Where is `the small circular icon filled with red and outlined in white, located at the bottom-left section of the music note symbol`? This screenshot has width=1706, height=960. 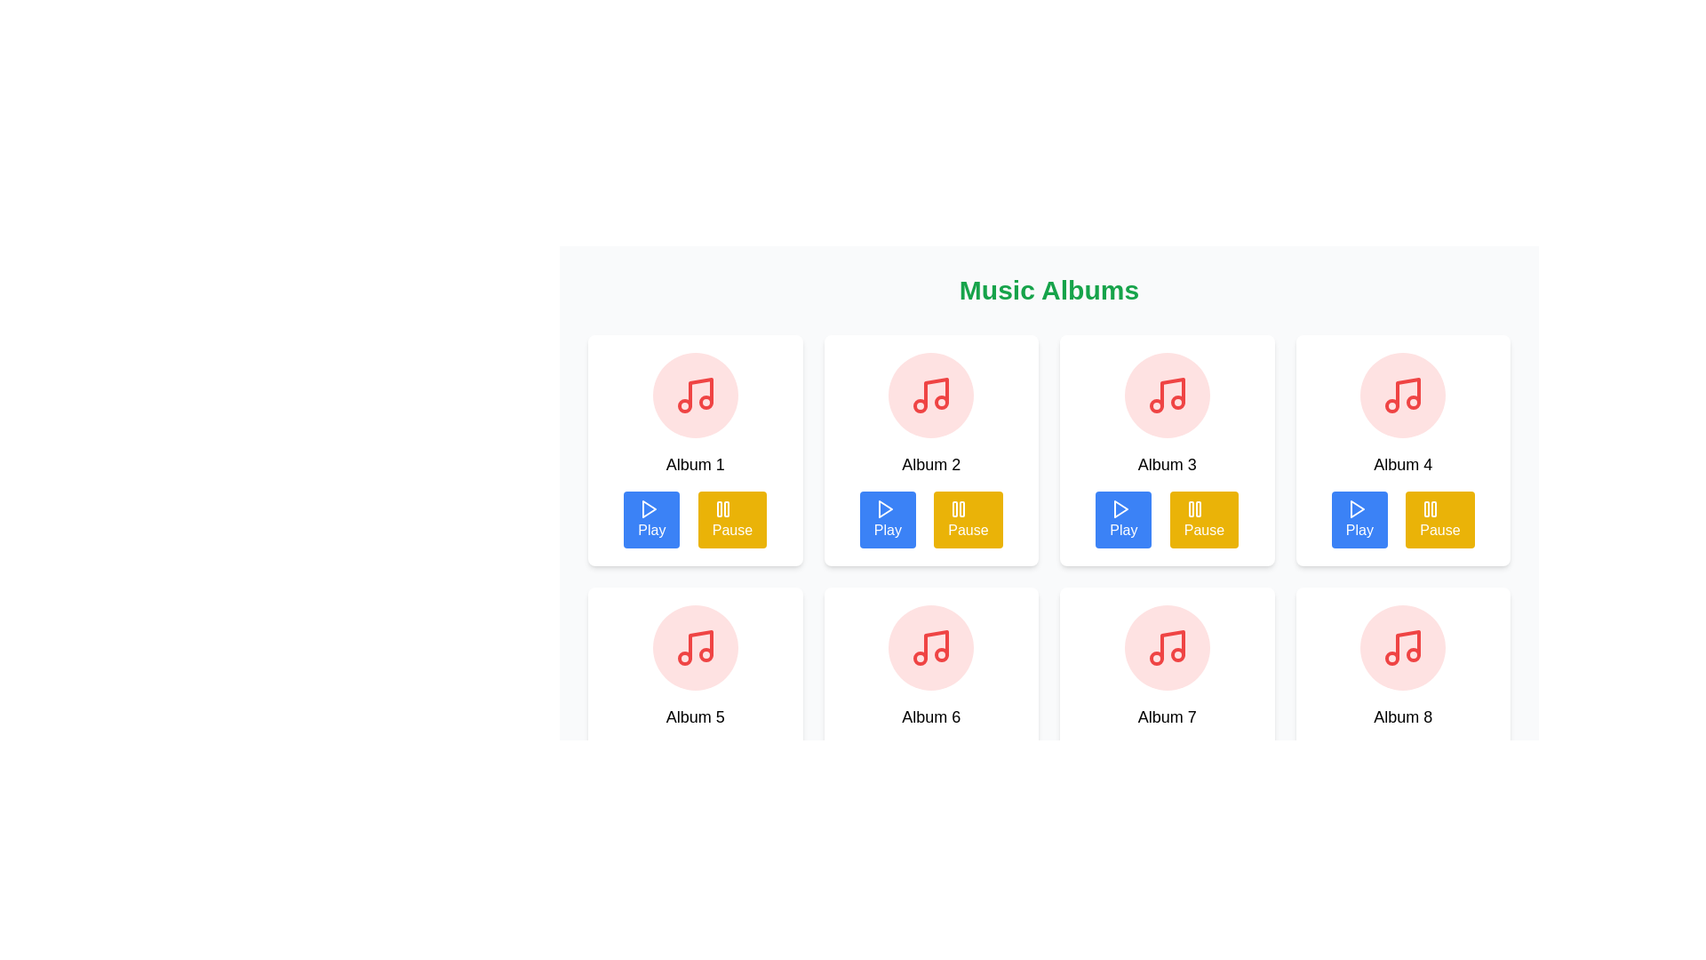
the small circular icon filled with red and outlined in white, located at the bottom-left section of the music note symbol is located at coordinates (1391, 658).